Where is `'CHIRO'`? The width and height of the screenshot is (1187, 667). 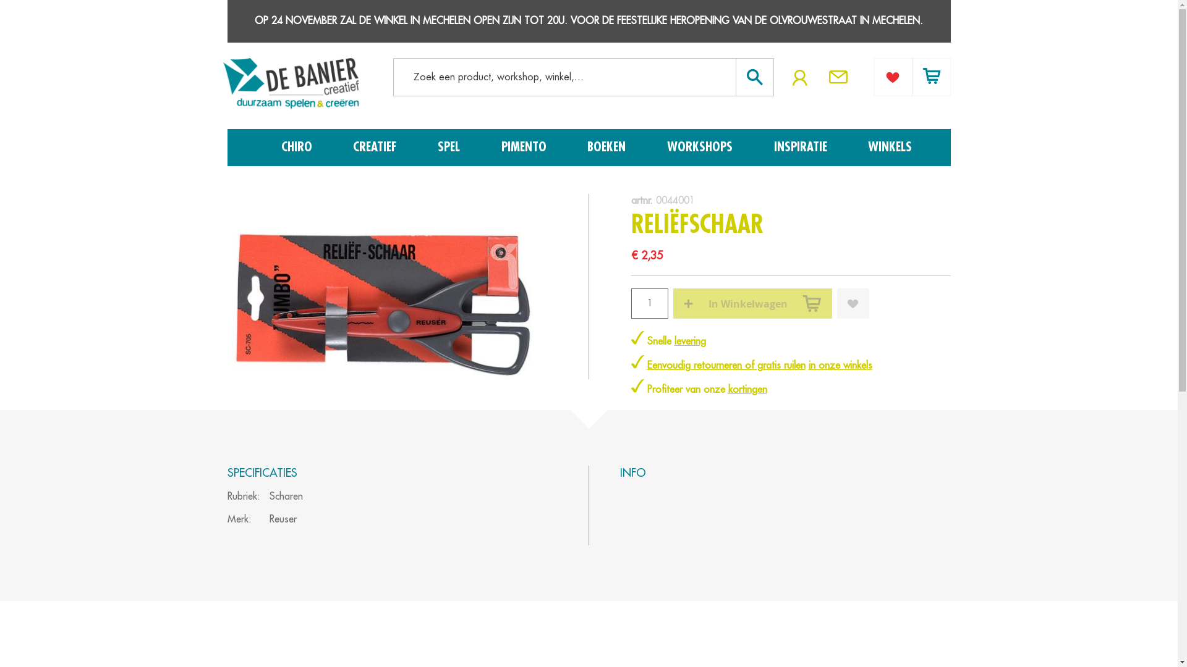
'CHIRO' is located at coordinates (299, 147).